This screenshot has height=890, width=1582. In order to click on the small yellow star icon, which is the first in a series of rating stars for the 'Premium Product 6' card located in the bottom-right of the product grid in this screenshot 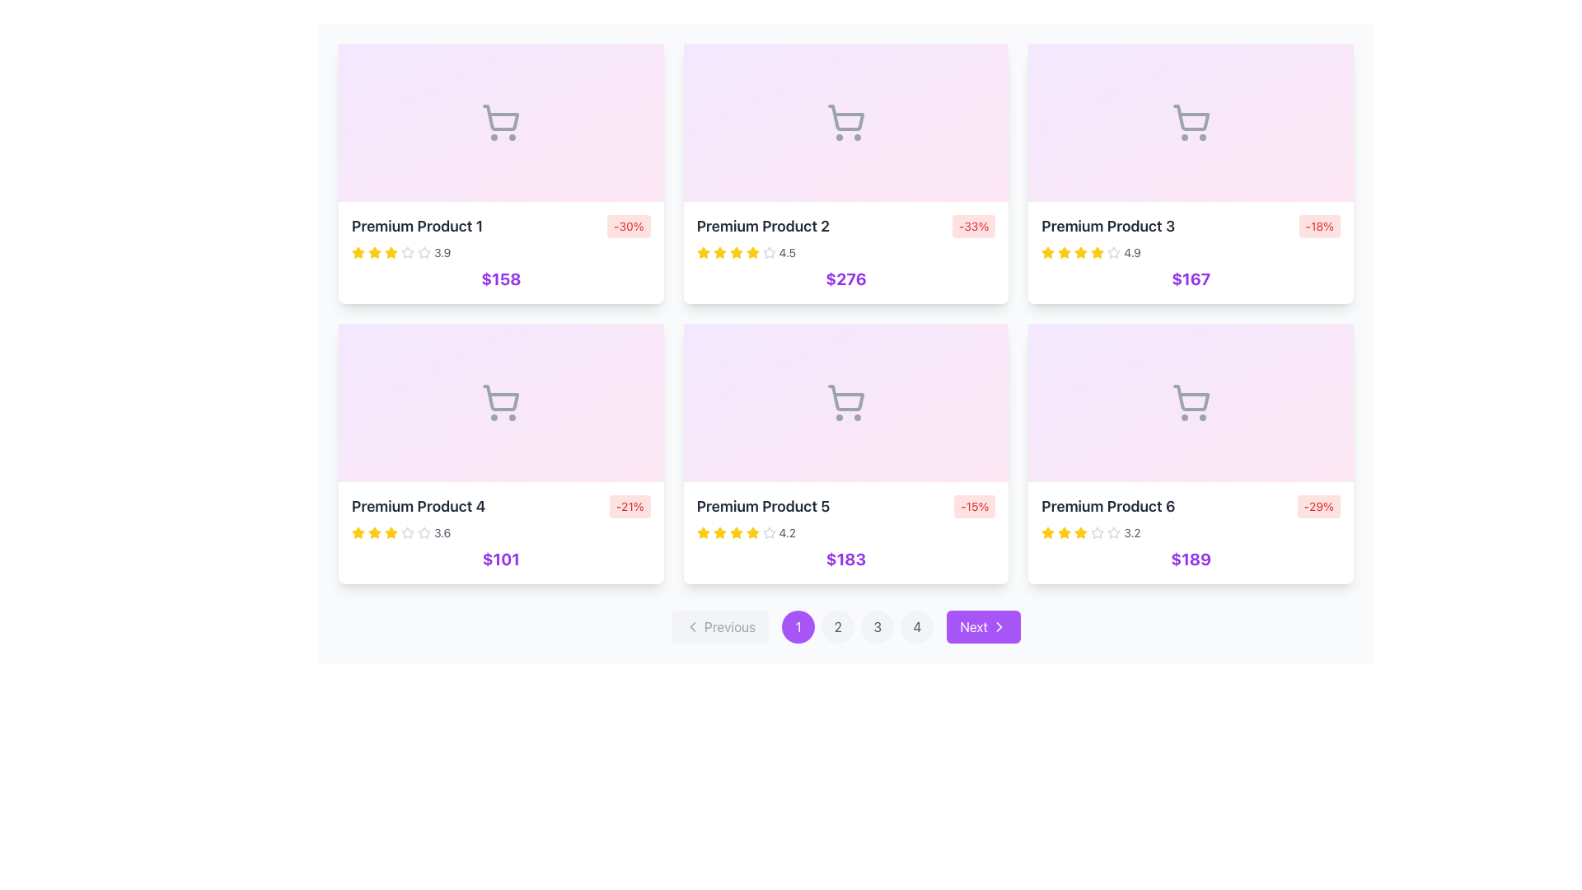, I will do `click(1047, 533)`.